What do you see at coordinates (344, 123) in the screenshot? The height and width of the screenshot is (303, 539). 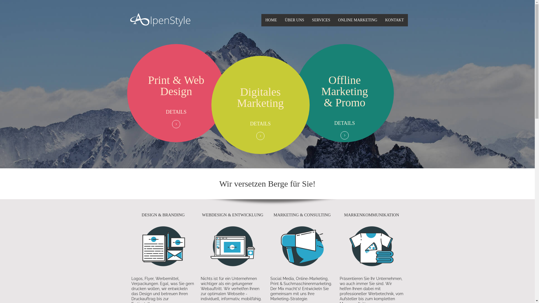 I see `'DETAILS'` at bounding box center [344, 123].